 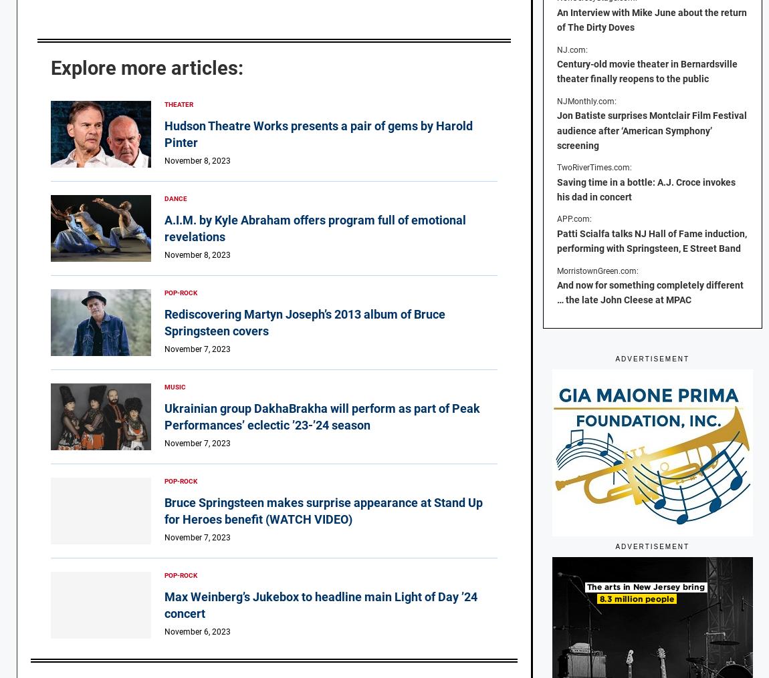 I want to click on 'Dance', so click(x=175, y=197).